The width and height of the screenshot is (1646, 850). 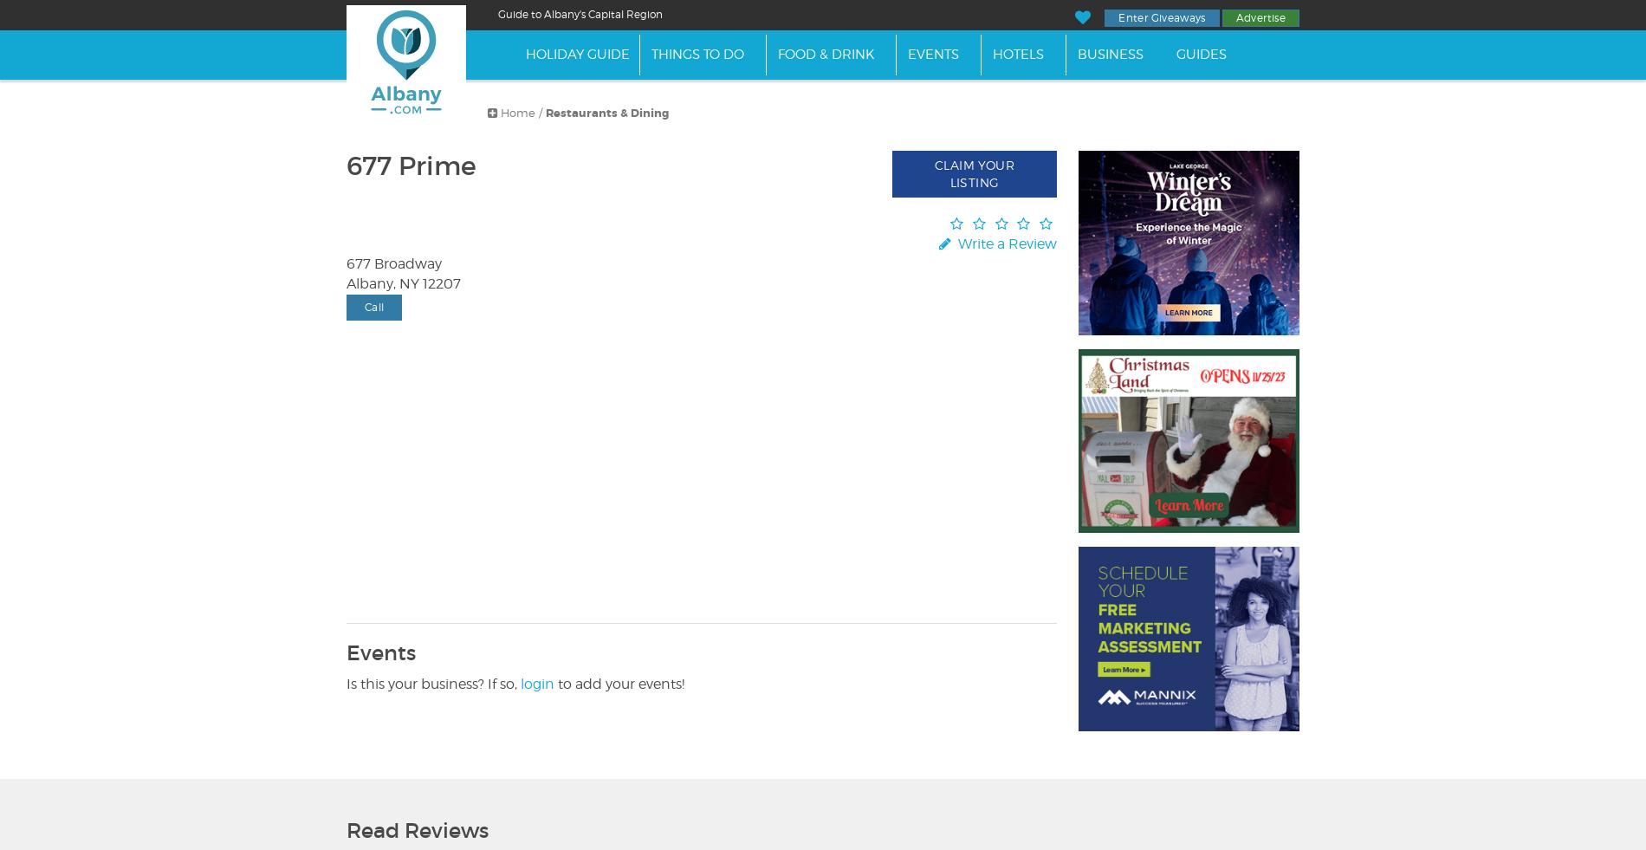 What do you see at coordinates (345, 51) in the screenshot?
I see `'We are thrilled to announce that our highly anticipated Black Friday sale is back!'` at bounding box center [345, 51].